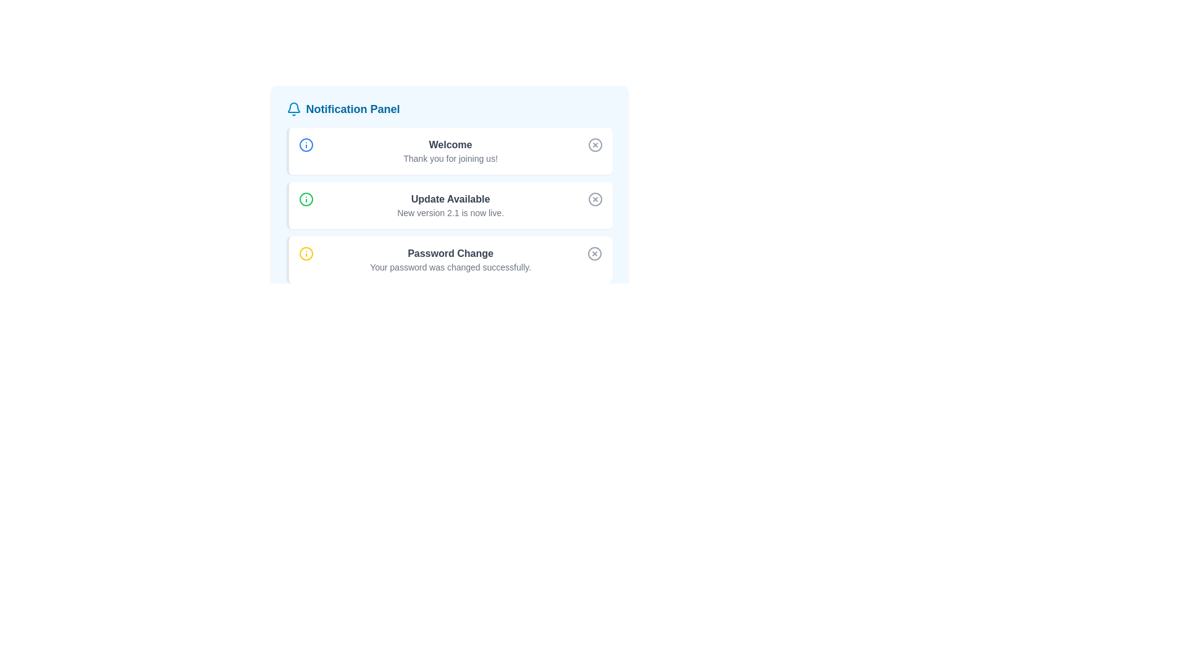  I want to click on the blue circular graphic element with a visible stroke, which is part of an icon indicating information or status, located inside a larger icon to the left of the second notification item in a stacked card list, so click(306, 145).